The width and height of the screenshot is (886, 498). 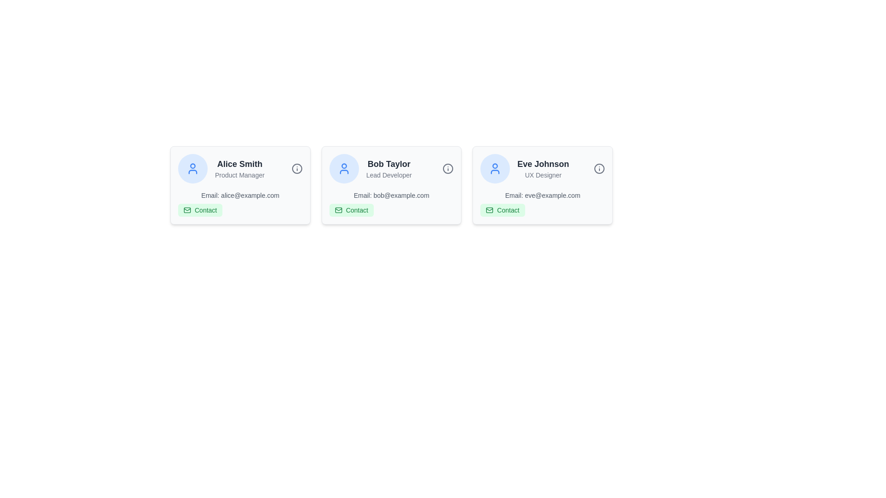 What do you see at coordinates (543, 203) in the screenshot?
I see `the email address link located in the upper-right card labeled 'Eve Johnson UX Designer', below the title area, and is the last visible section of the card's content` at bounding box center [543, 203].